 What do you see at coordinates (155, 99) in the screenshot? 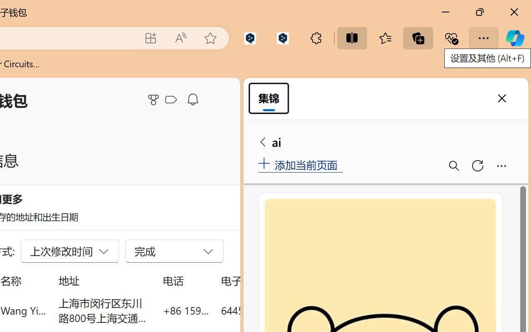
I see `'Microsoft Rewards'` at bounding box center [155, 99].